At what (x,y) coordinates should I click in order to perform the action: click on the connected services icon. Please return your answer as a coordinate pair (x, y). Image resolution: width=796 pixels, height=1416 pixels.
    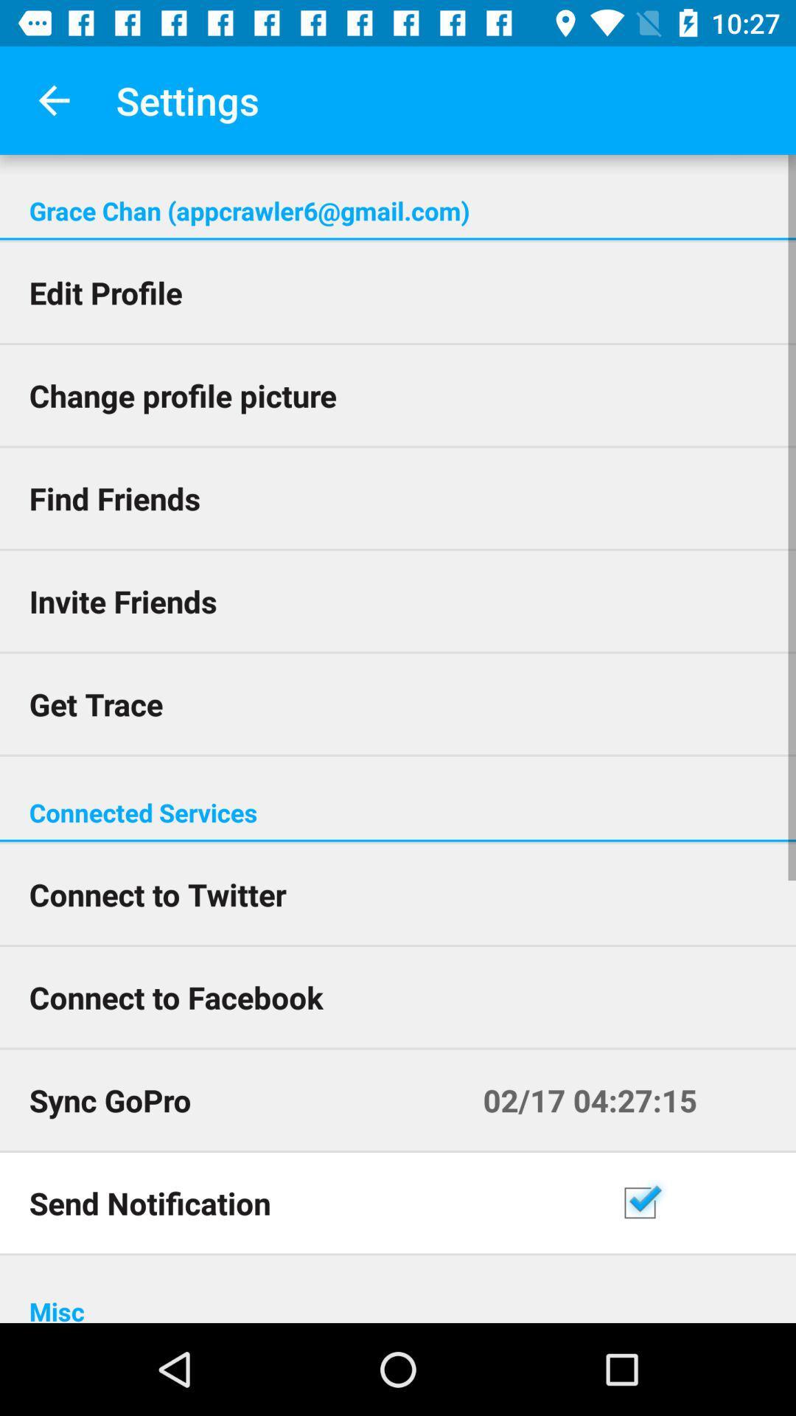
    Looking at the image, I should click on (398, 811).